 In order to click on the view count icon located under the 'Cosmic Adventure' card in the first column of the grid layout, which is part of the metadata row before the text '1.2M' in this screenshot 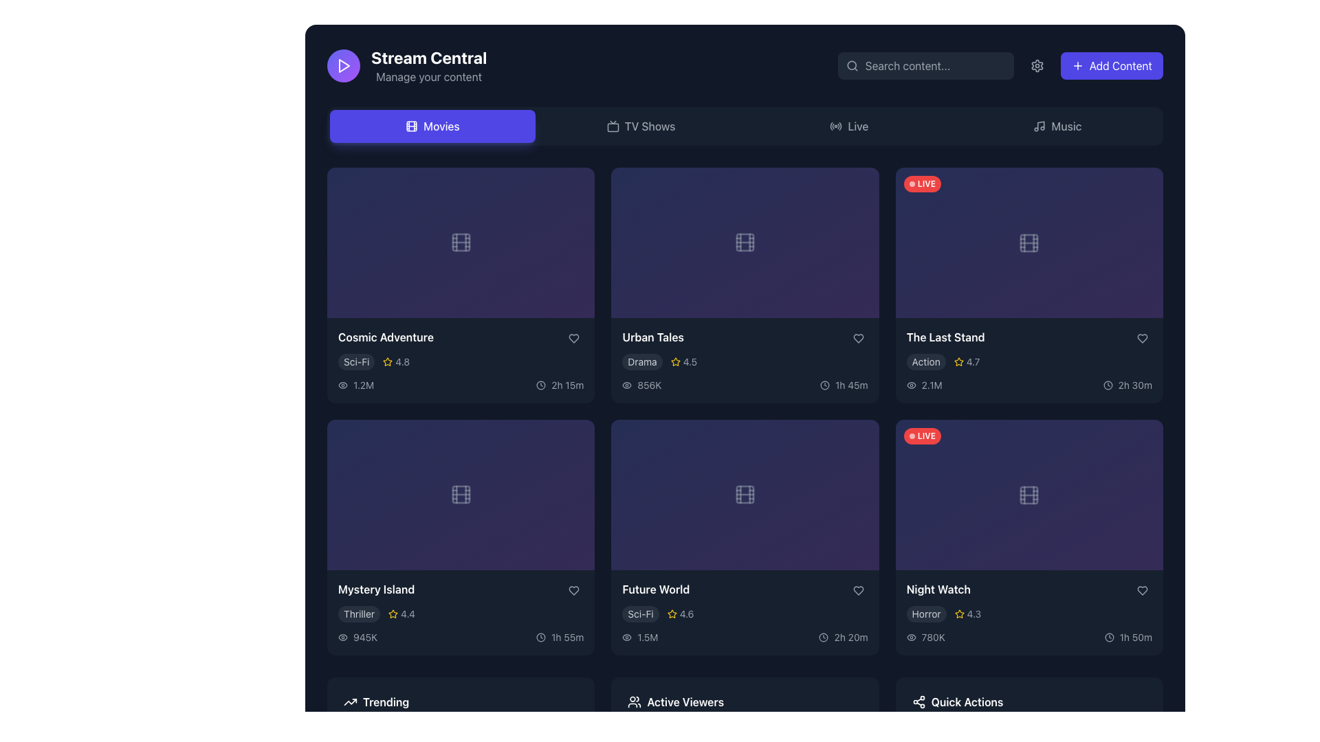, I will do `click(343, 384)`.